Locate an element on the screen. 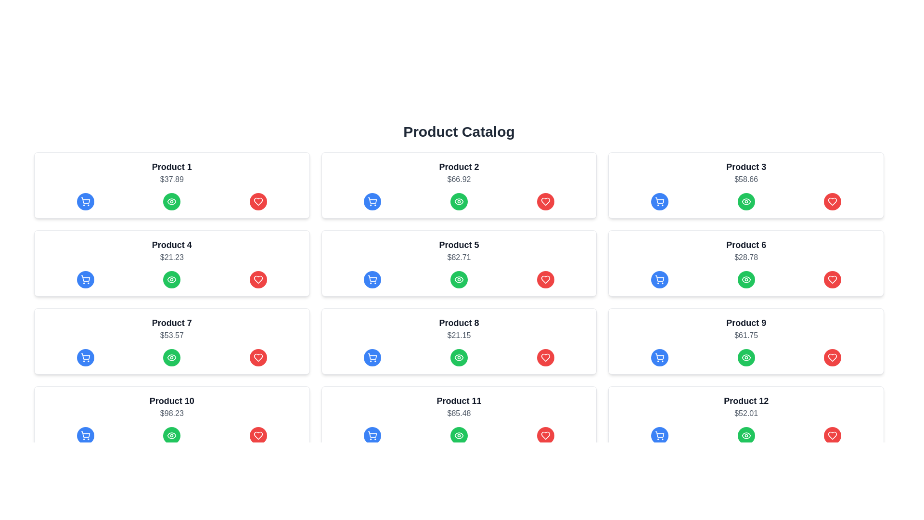 This screenshot has width=924, height=520. the rounded blue button with a white shopping cart icon located at the bottom left corner of the 'Product 5' card is located at coordinates (372, 280).